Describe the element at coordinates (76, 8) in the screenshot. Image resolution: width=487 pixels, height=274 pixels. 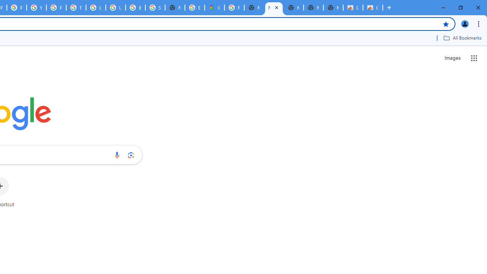
I see `'Tips & tricks for Chrome - Google Chrome Help'` at that location.